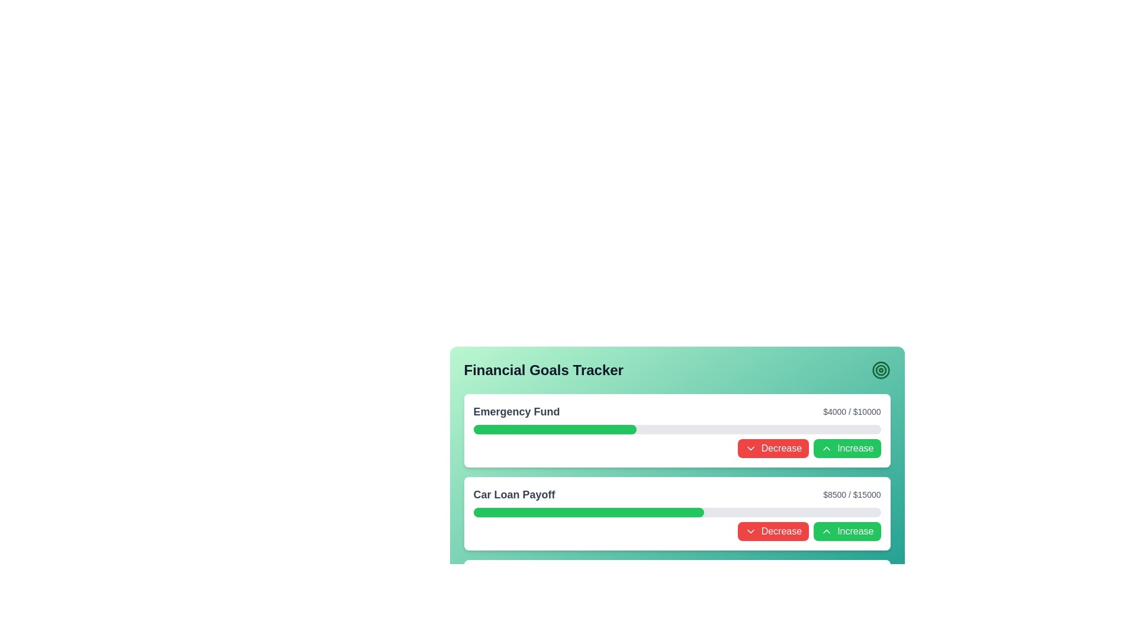 Image resolution: width=1137 pixels, height=640 pixels. What do you see at coordinates (851, 494) in the screenshot?
I see `the text label displaying the financial goal progress '$8500 / $15000', which is styled in a smaller grayish font and positioned below the 'Car Loan Payoff' title` at bounding box center [851, 494].